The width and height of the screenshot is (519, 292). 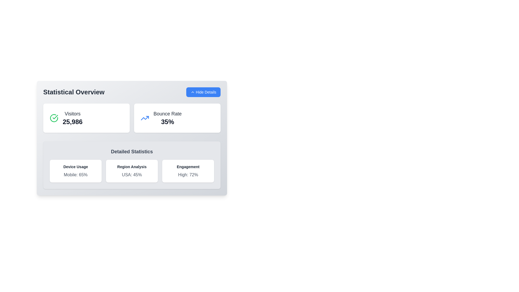 I want to click on the small upward-pointing triangular icon on the left side of the 'Hide Details' button, which has a blue background and white text, located in the top-right corner of the card, so click(x=192, y=92).